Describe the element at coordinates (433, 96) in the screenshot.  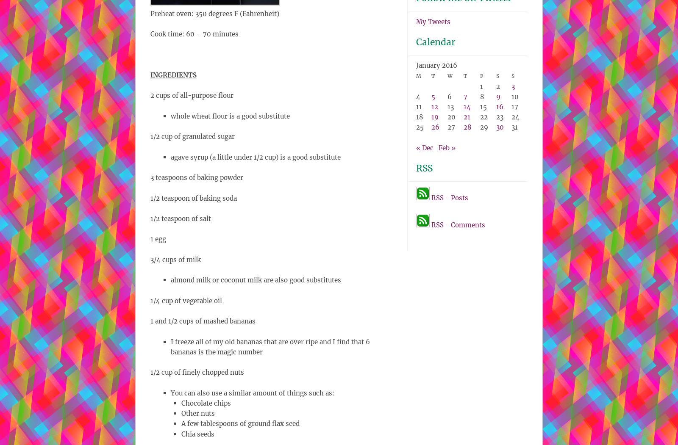
I see `'5'` at that location.